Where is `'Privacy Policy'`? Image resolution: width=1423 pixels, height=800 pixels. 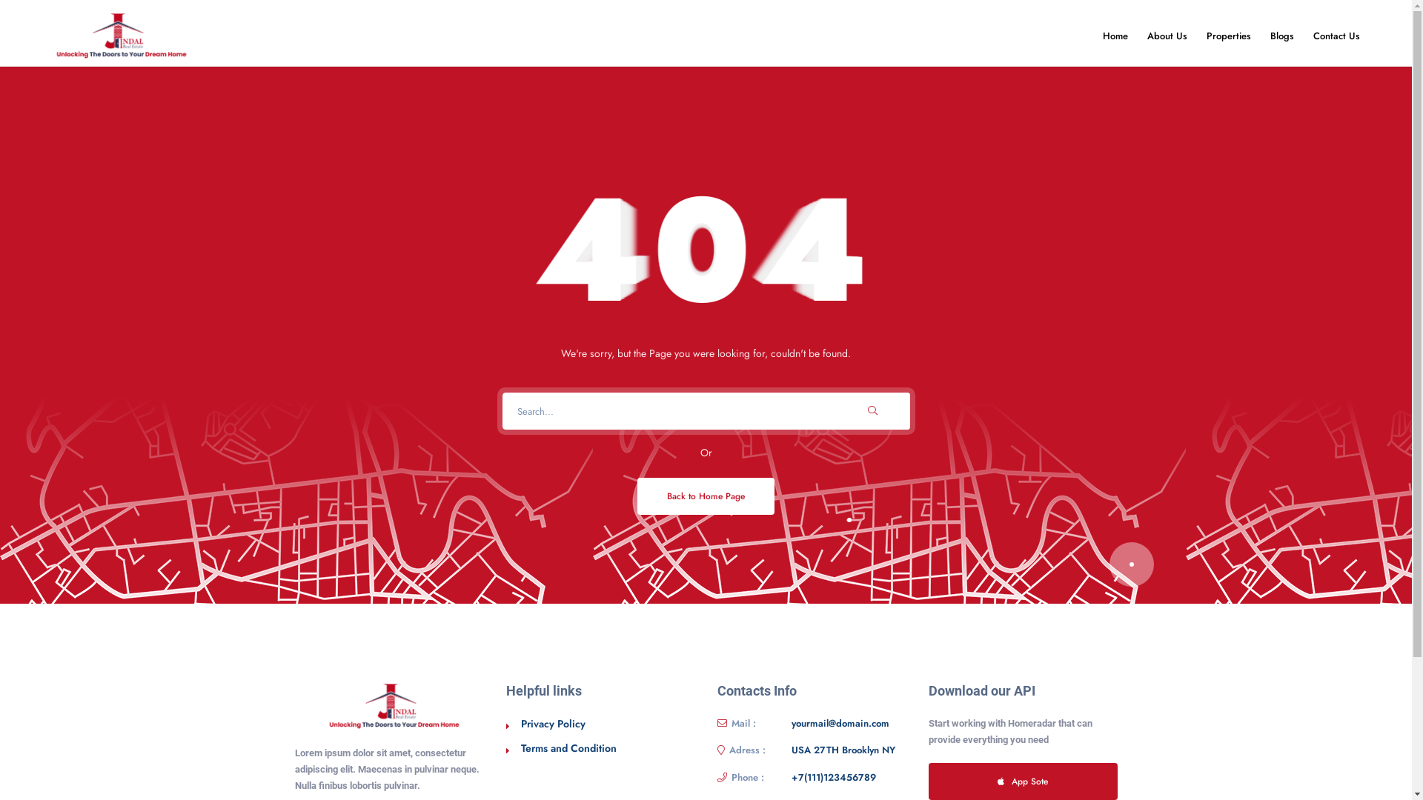
'Privacy Policy' is located at coordinates (551, 722).